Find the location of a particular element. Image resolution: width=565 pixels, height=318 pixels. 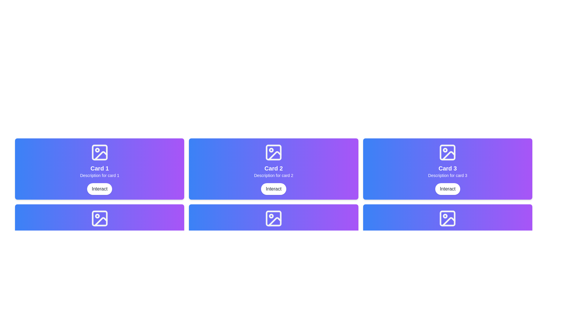

the button located at the bottom center of 'Card 2' is located at coordinates (273, 189).